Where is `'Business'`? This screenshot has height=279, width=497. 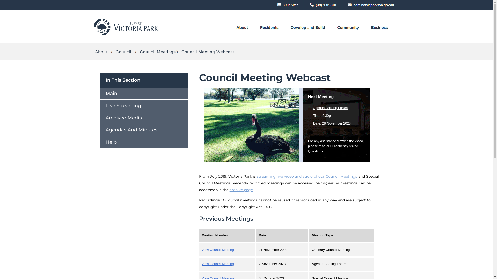
'Business' is located at coordinates (379, 35).